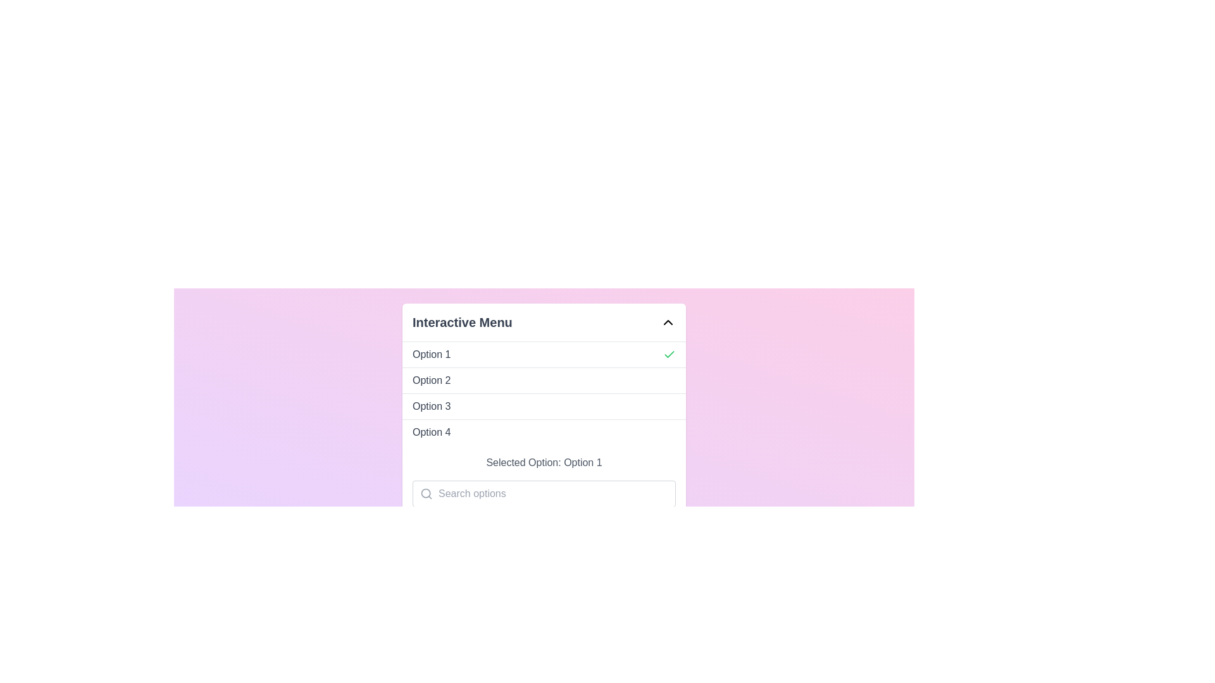 This screenshot has height=683, width=1215. What do you see at coordinates (544, 463) in the screenshot?
I see `the text label displaying 'Selected Option: Option 1' that is located above a search input field in a dropdown menu interface` at bounding box center [544, 463].